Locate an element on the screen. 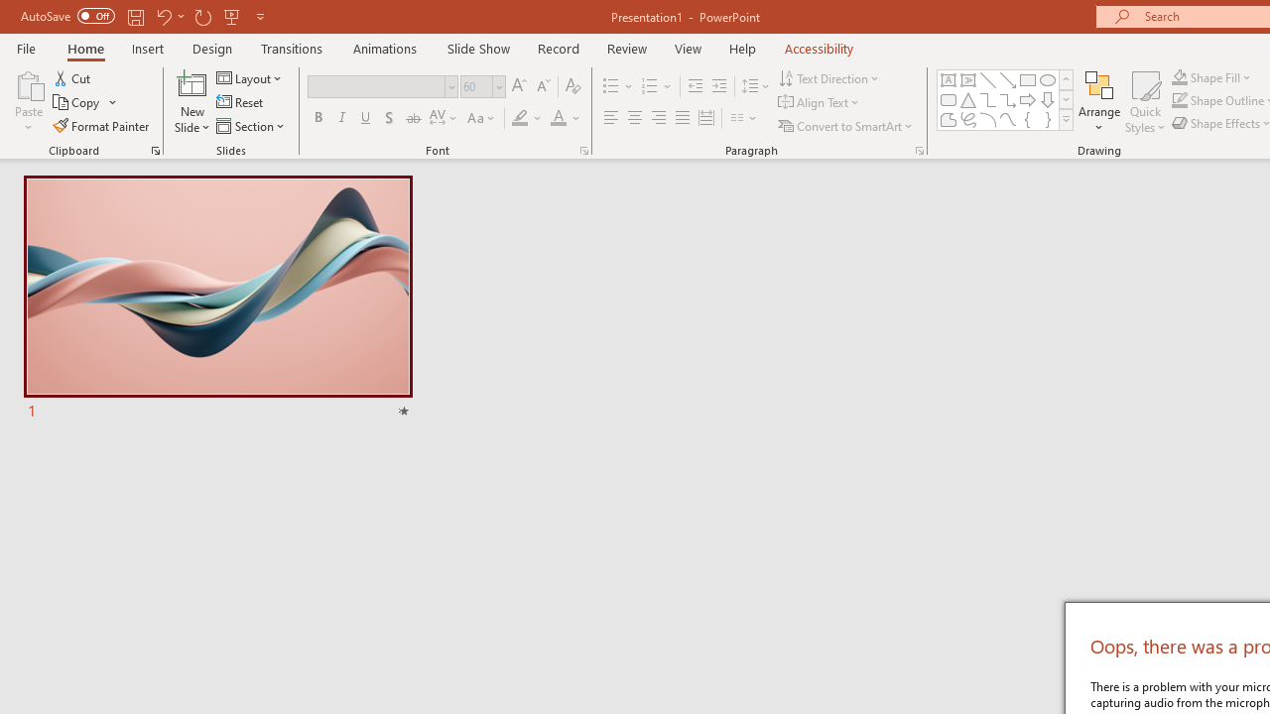 This screenshot has height=714, width=1270. 'Italic' is located at coordinates (341, 118).